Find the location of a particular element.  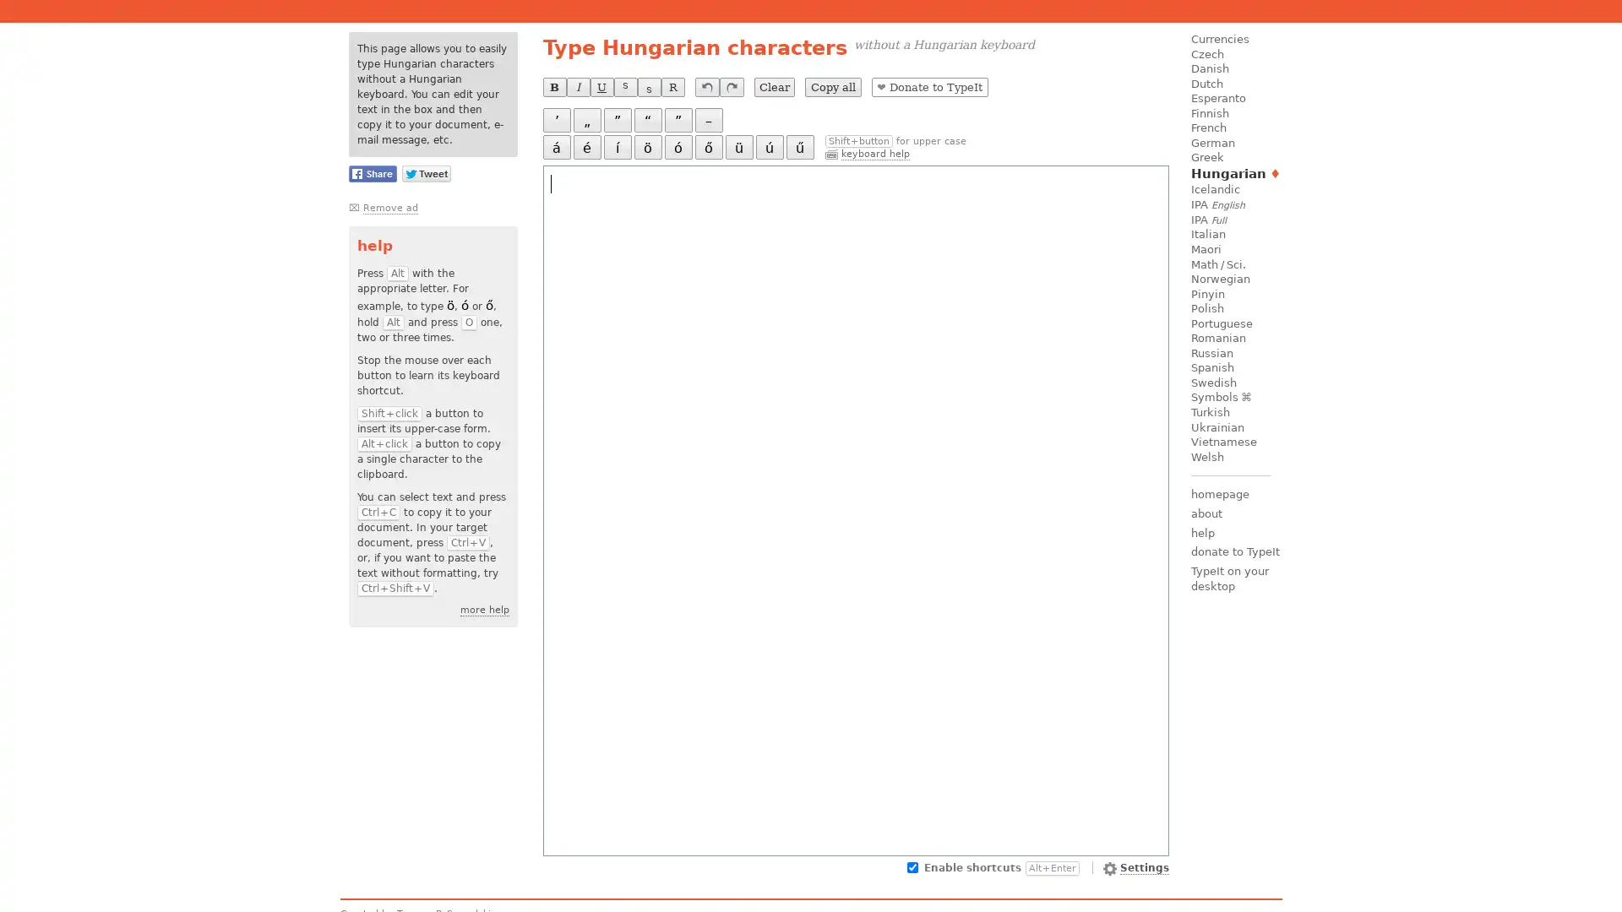

Share this page on Twitter is located at coordinates (426, 173).